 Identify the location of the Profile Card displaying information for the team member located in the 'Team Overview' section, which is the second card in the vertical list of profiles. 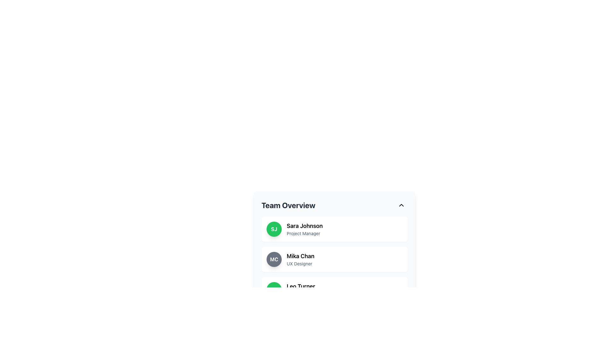
(334, 259).